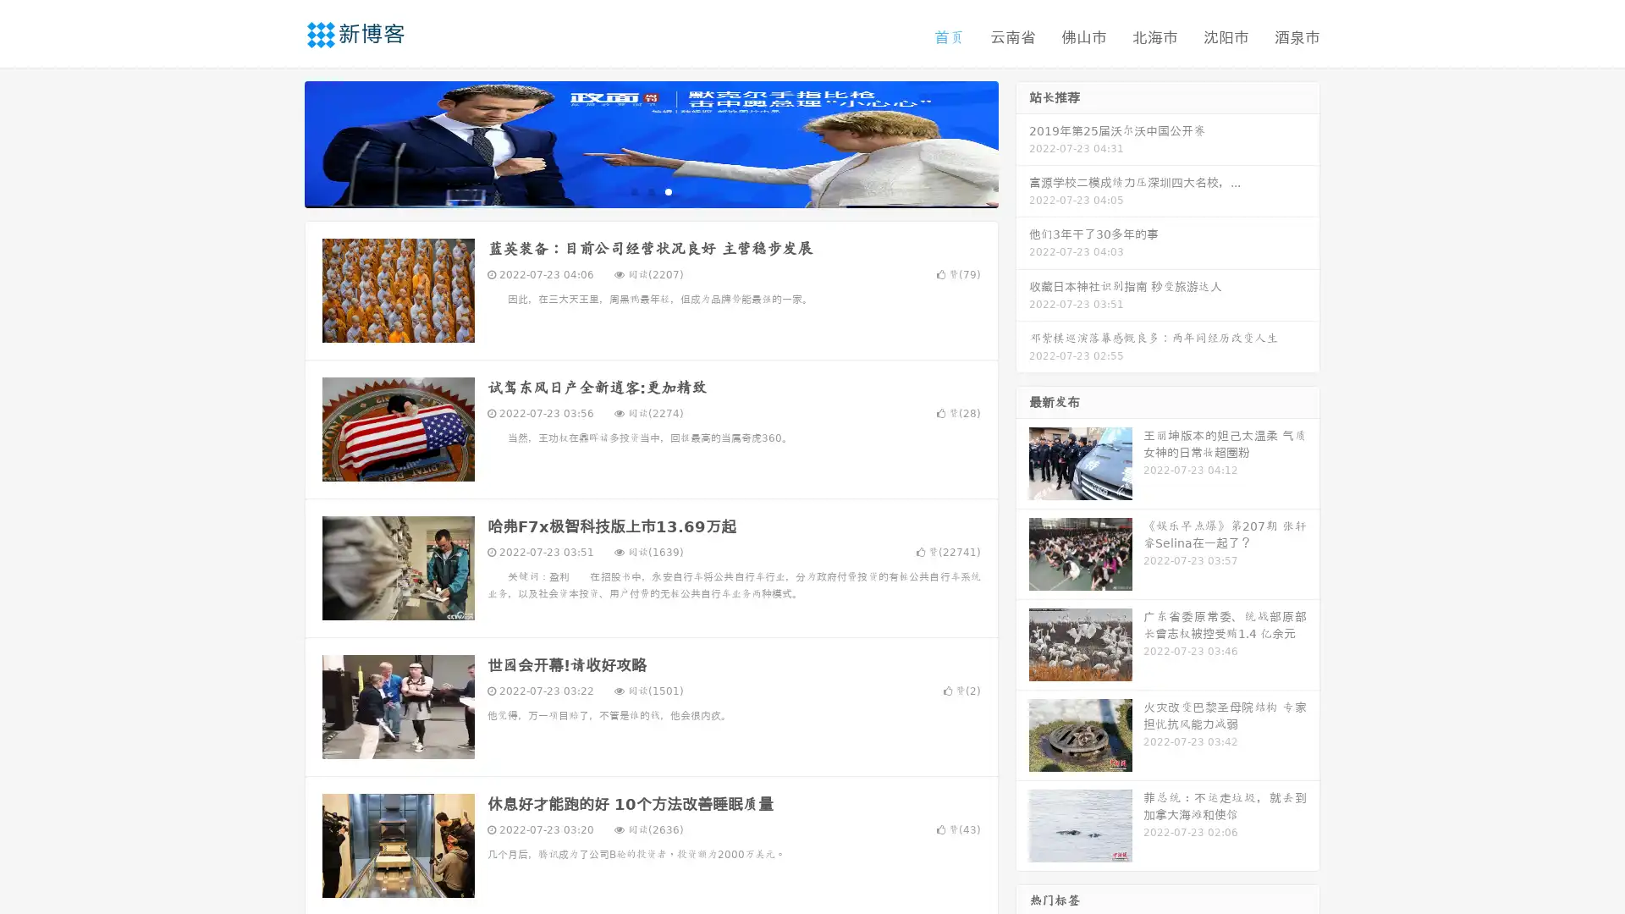 The image size is (1625, 914). I want to click on Previous slide, so click(279, 142).